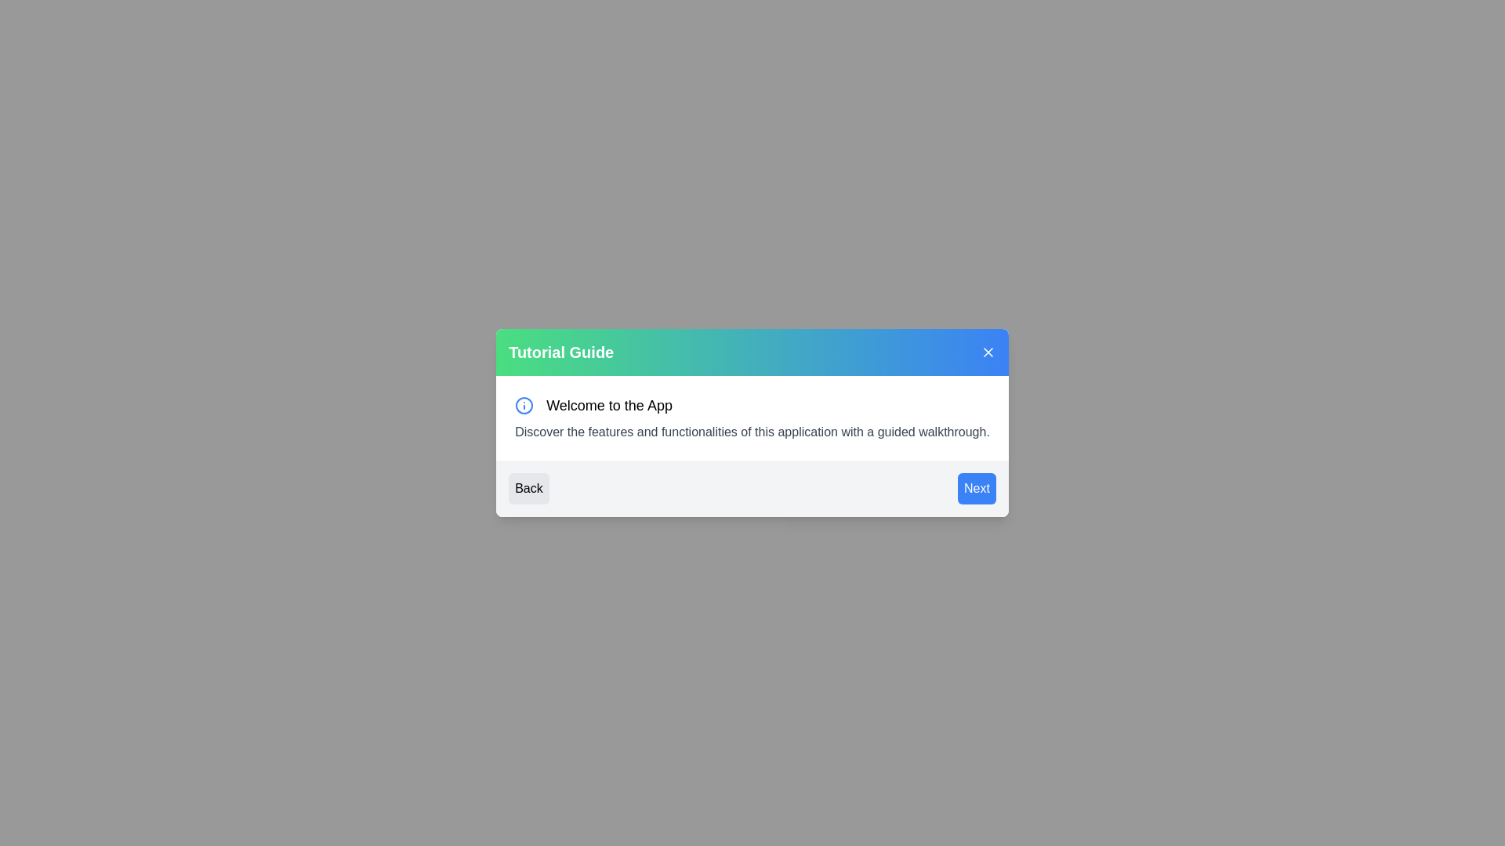 Image resolution: width=1505 pixels, height=846 pixels. What do you see at coordinates (987, 352) in the screenshot?
I see `the close button located in the top-right corner of the 'Tutorial Guide' dialog box` at bounding box center [987, 352].